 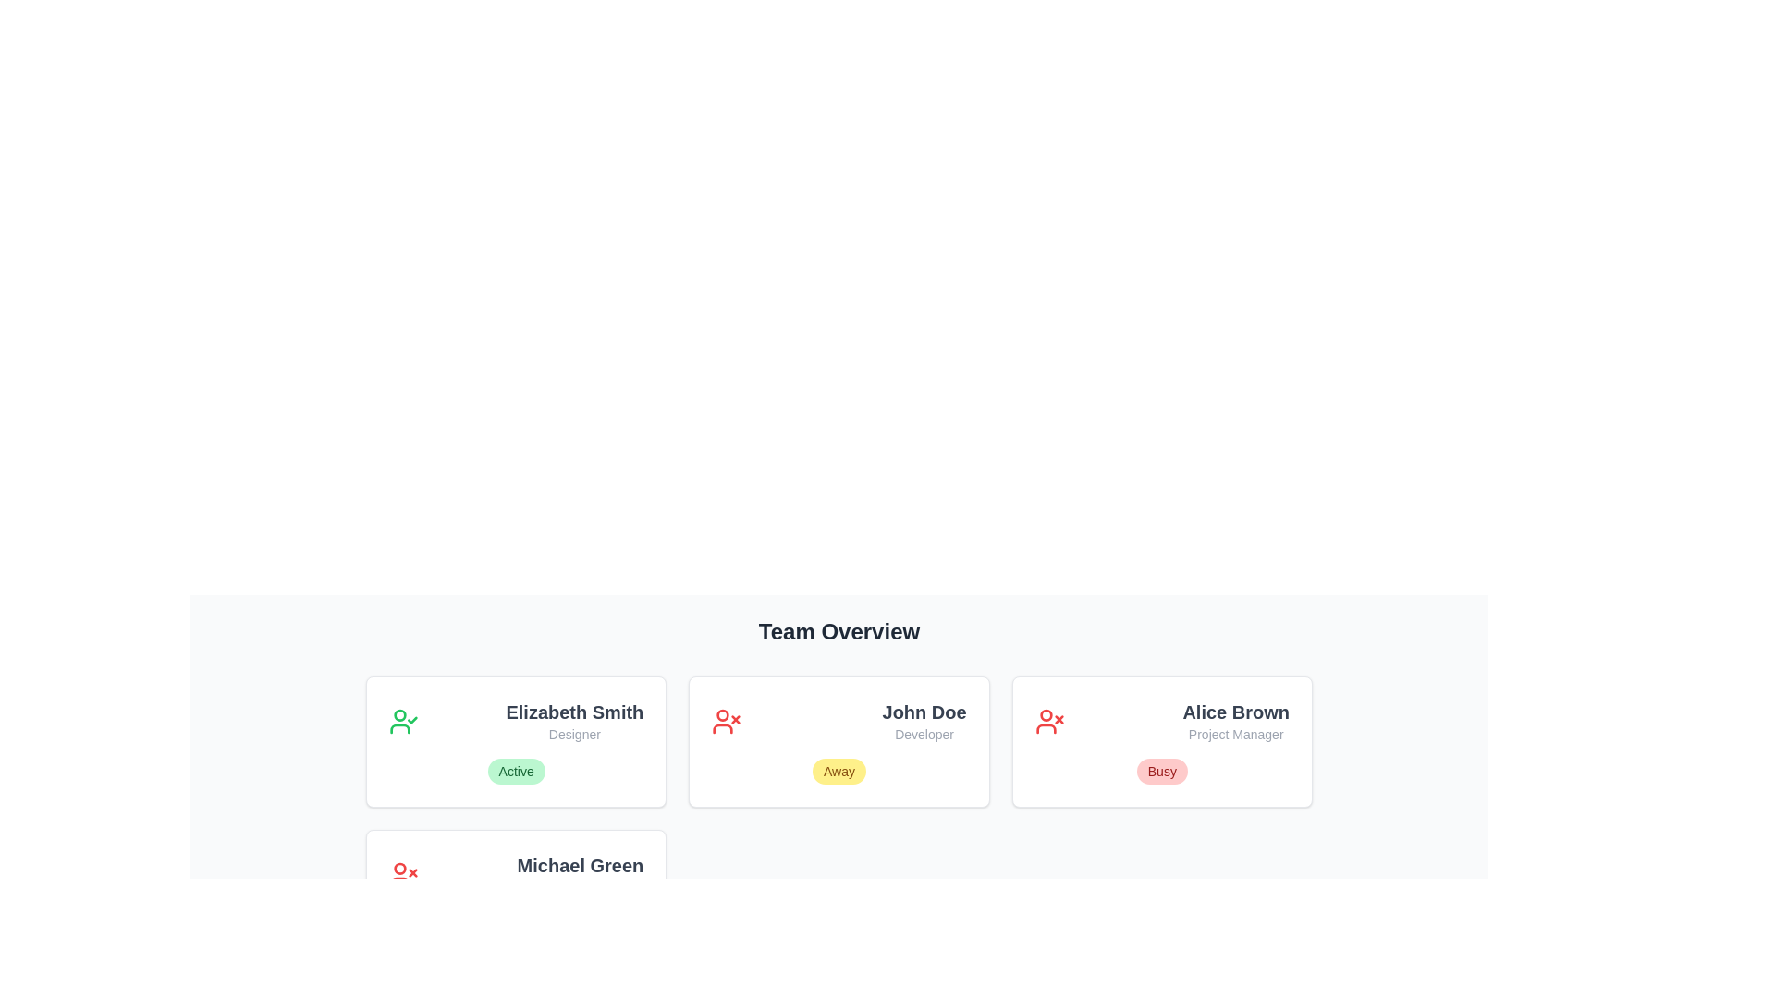 I want to click on the profile card, so click(x=516, y=894).